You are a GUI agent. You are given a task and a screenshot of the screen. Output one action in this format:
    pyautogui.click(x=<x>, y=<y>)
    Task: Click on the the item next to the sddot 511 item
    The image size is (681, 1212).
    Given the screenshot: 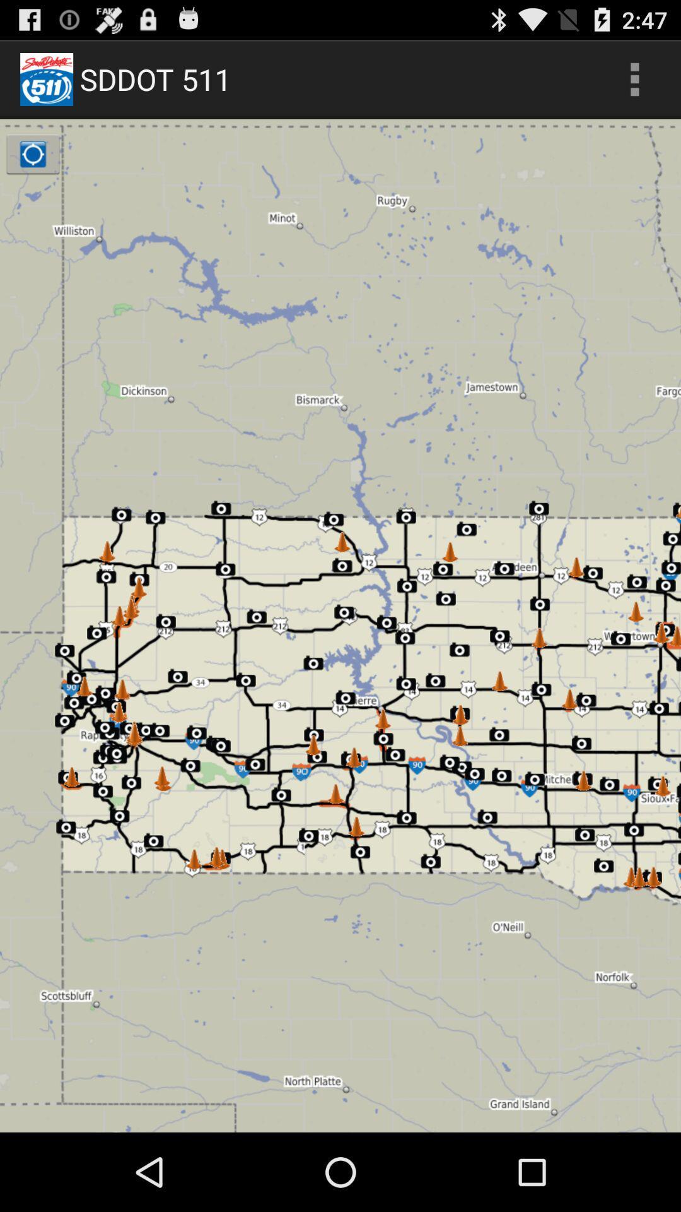 What is the action you would take?
    pyautogui.click(x=634, y=78)
    